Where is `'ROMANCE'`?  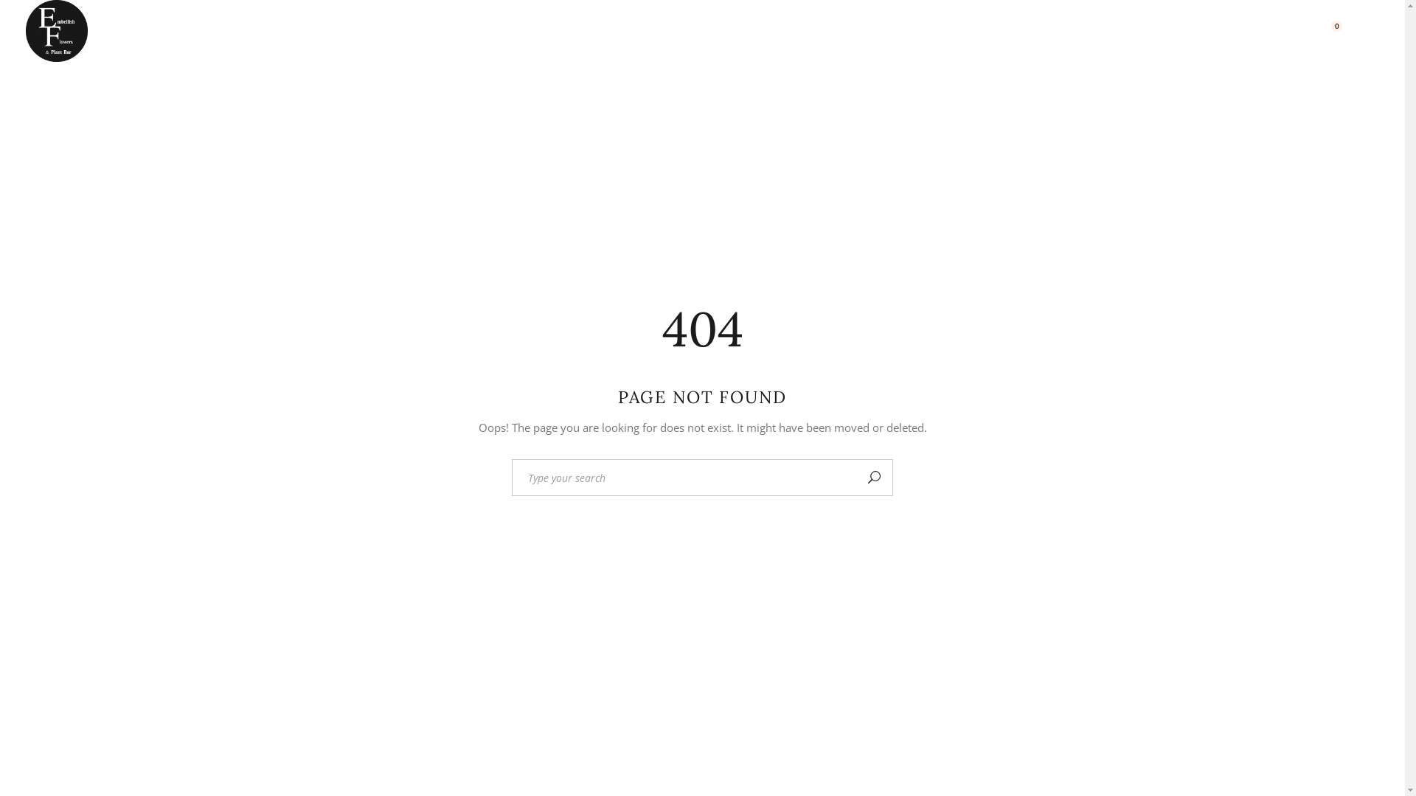 'ROMANCE' is located at coordinates (510, 31).